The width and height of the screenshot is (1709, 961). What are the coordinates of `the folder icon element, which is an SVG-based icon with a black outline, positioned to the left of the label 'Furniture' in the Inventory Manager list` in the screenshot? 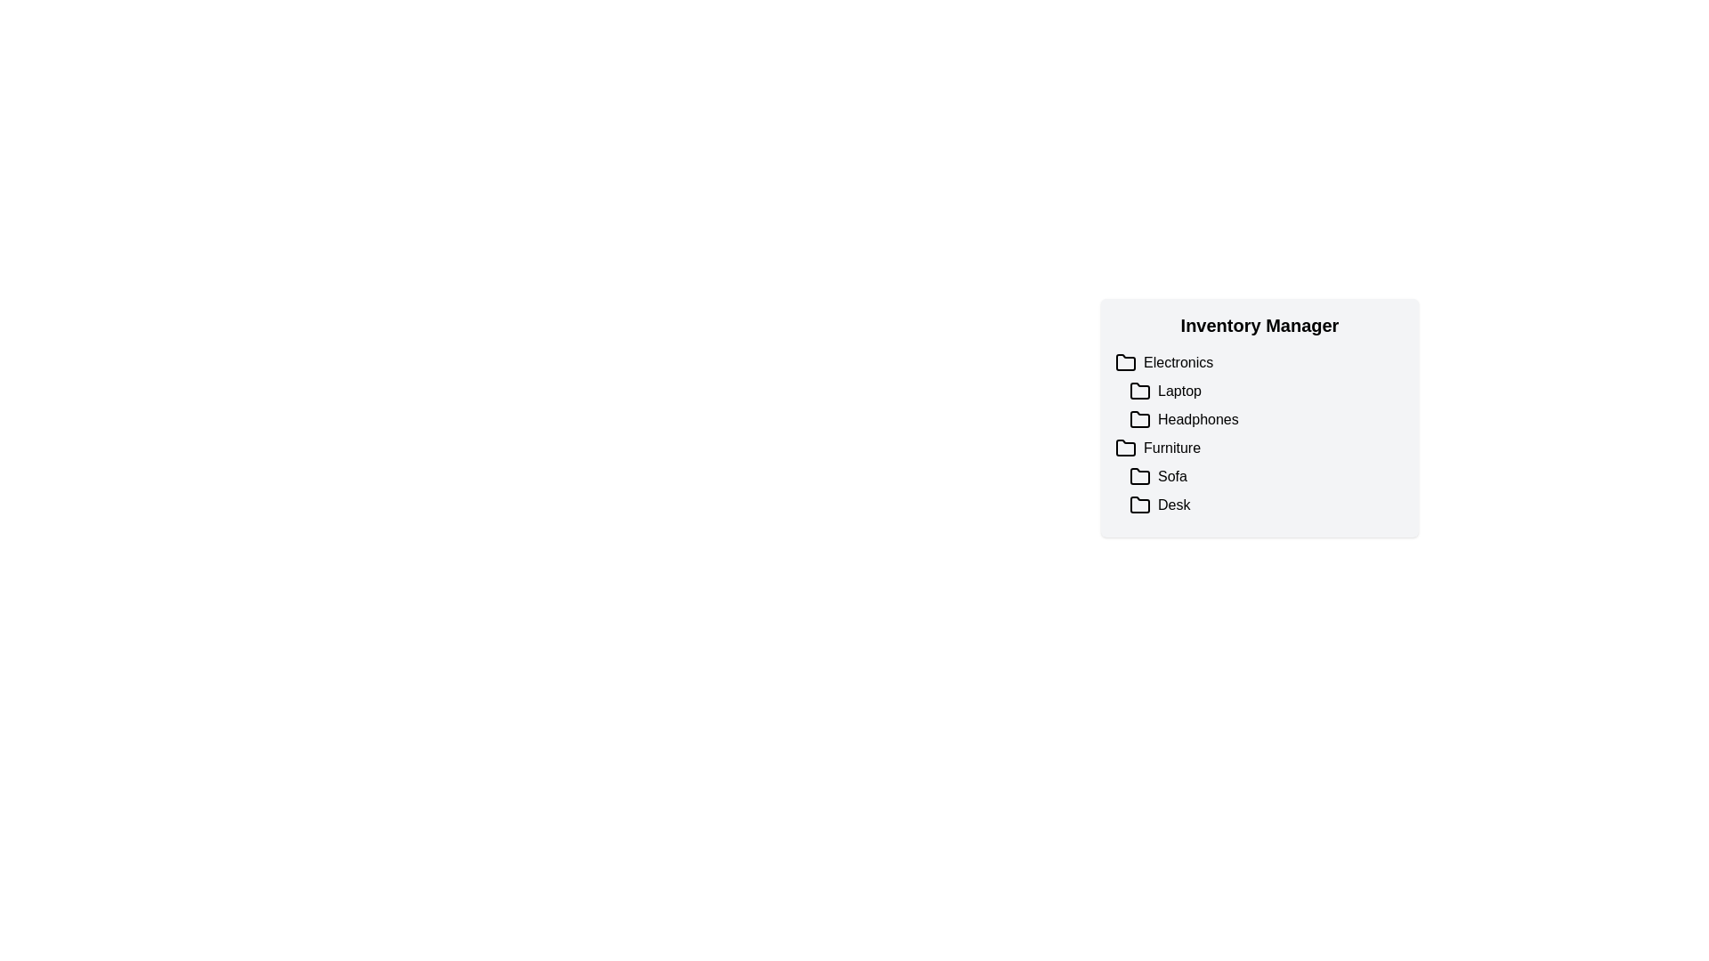 It's located at (1125, 448).